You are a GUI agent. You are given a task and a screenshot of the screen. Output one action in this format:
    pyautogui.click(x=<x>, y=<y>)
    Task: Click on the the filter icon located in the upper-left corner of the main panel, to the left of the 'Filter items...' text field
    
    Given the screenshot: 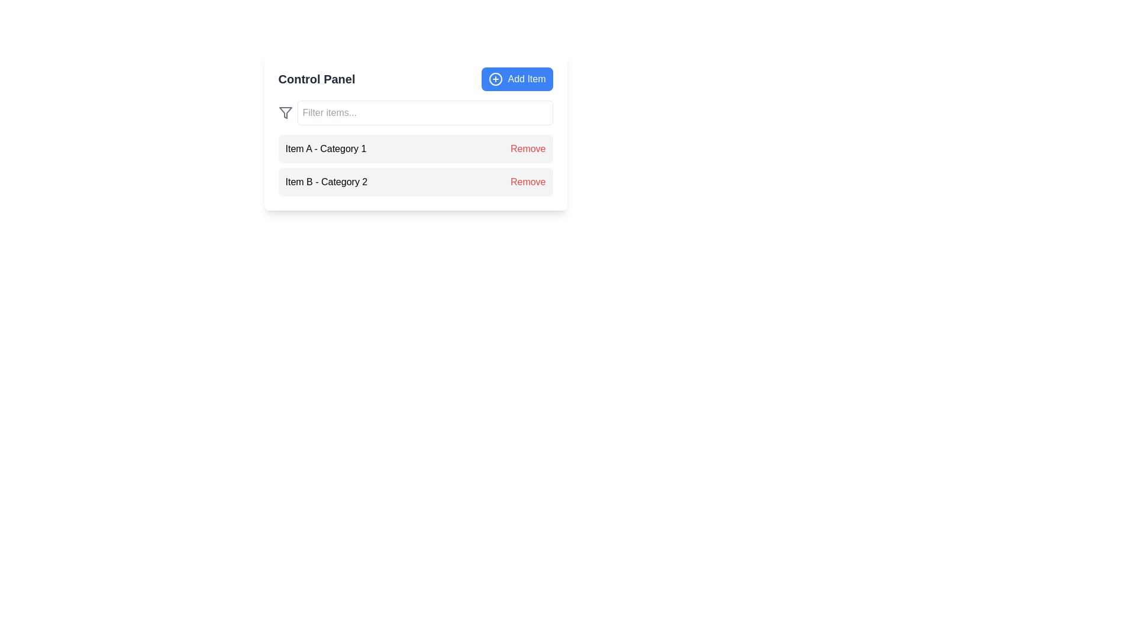 What is the action you would take?
    pyautogui.click(x=285, y=113)
    